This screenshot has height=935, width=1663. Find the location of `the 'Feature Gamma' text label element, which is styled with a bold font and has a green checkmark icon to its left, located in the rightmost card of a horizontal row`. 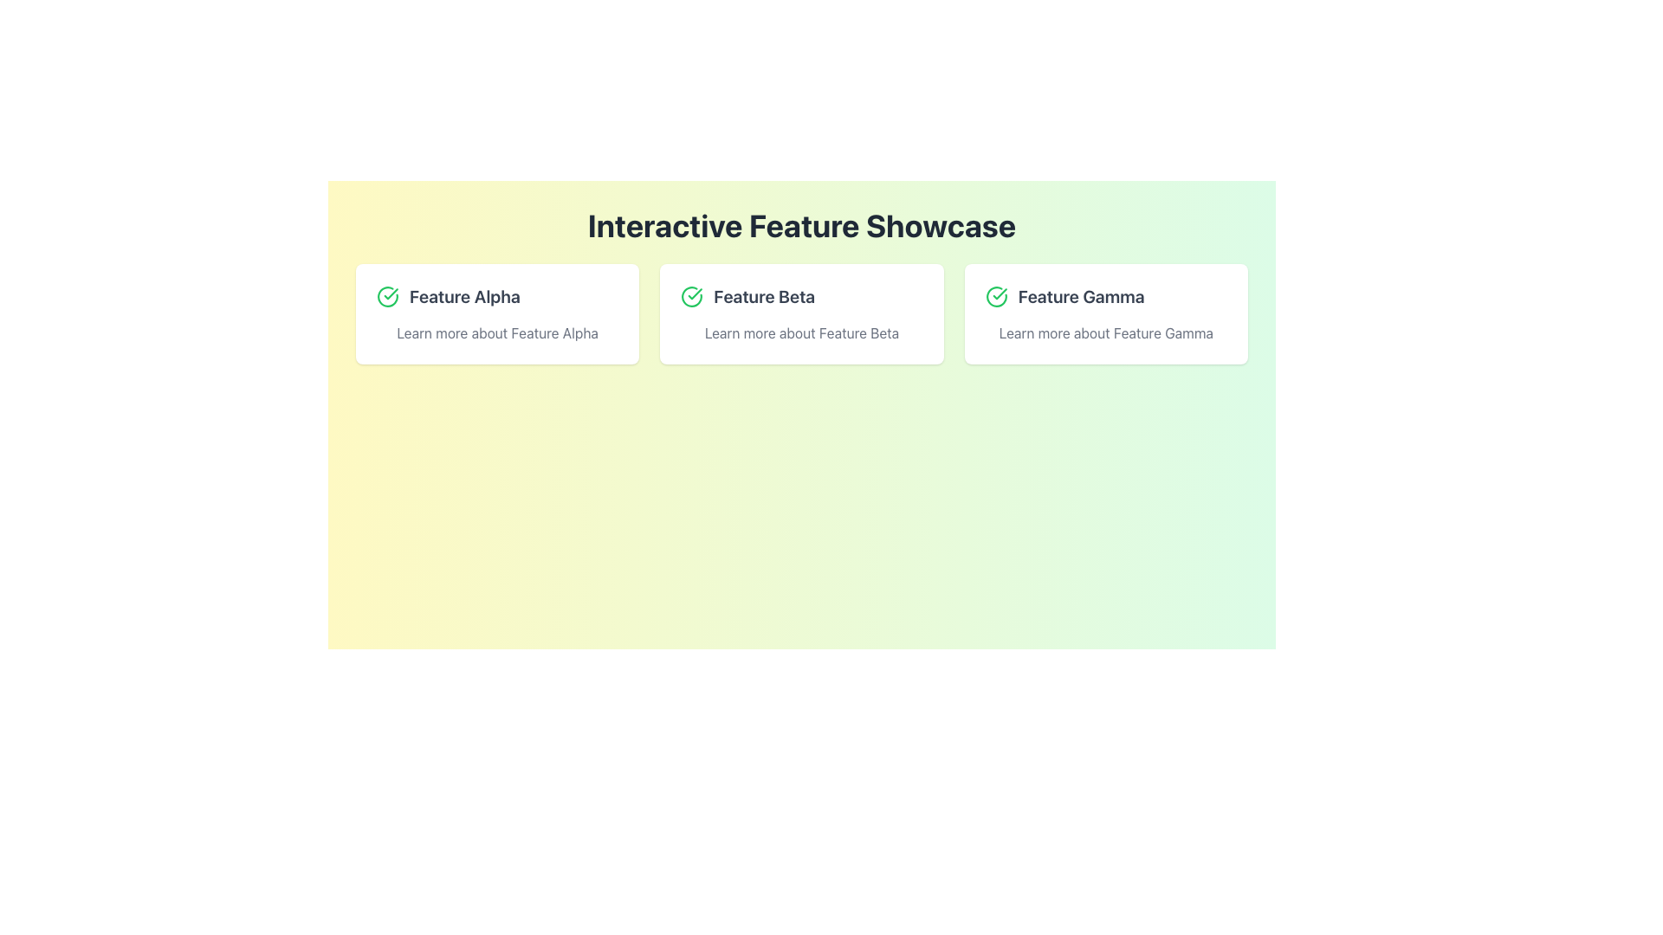

the 'Feature Gamma' text label element, which is styled with a bold font and has a green checkmark icon to its left, located in the rightmost card of a horizontal row is located at coordinates (1105, 296).